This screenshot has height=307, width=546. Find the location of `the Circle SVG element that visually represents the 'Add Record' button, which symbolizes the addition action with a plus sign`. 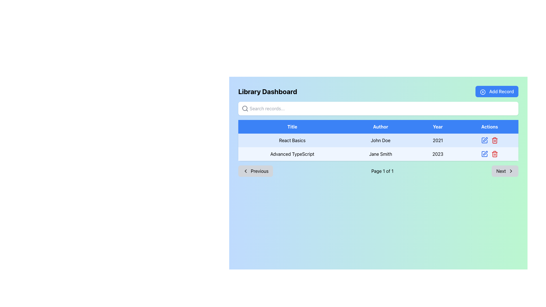

the Circle SVG element that visually represents the 'Add Record' button, which symbolizes the addition action with a plus sign is located at coordinates (483, 92).